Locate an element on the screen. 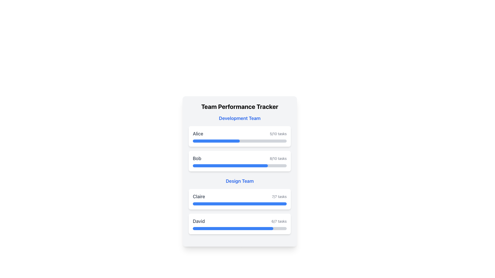 The width and height of the screenshot is (495, 278). prominent header text block labeled 'Team Performance Tracker', which is bold and large, positioned at the top of the interface is located at coordinates (240, 106).